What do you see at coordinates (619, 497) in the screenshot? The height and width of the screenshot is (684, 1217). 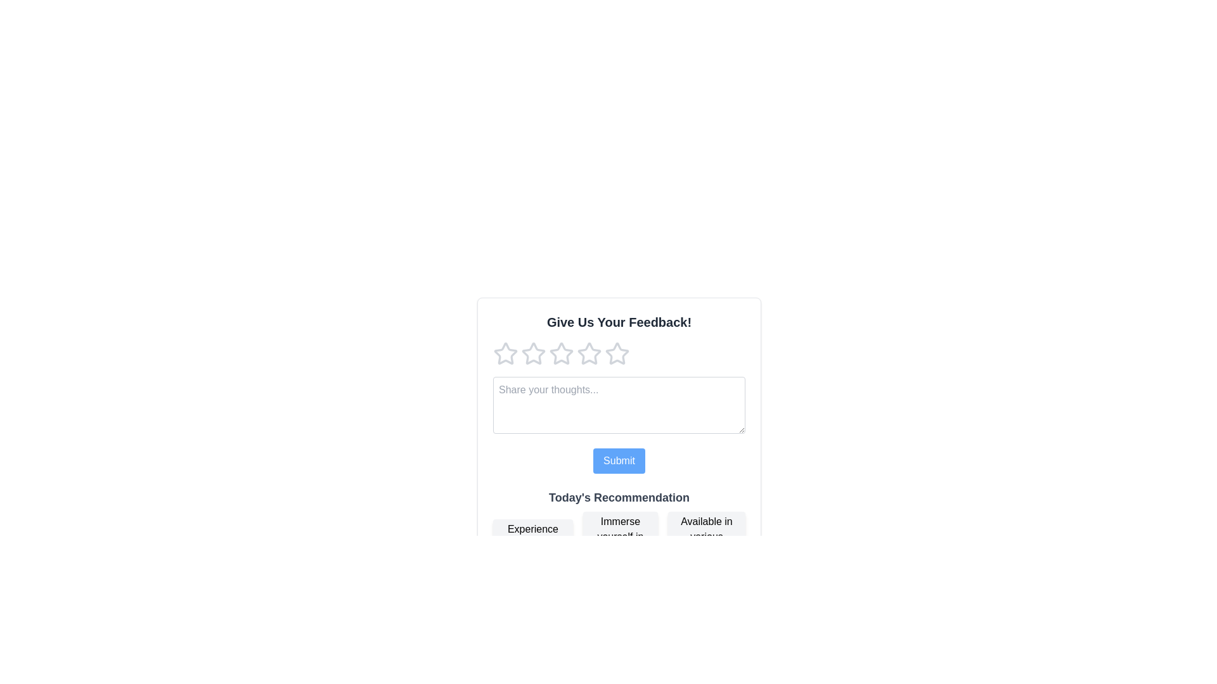 I see `the bold text label displaying 'Today's Recommendation', which is styled in gray and serves as a section heading above the button phrases` at bounding box center [619, 497].